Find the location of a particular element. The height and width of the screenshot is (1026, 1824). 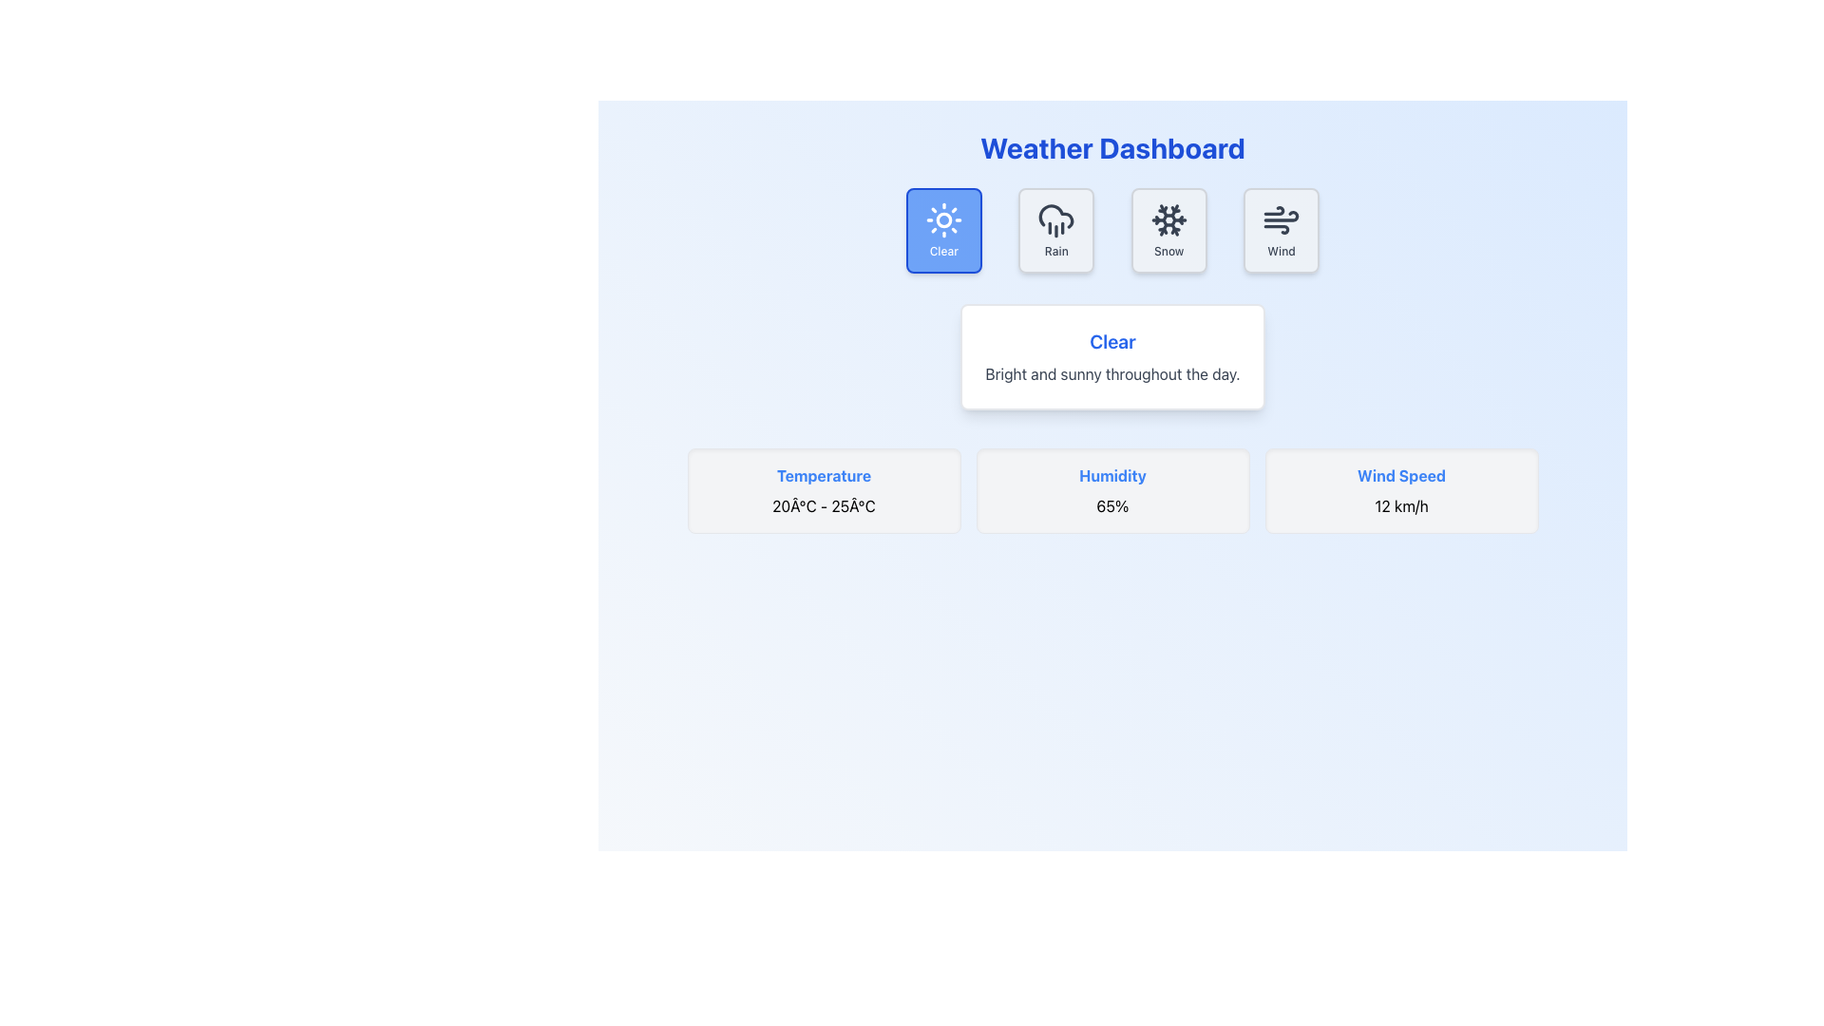

the text label displaying 'Clear', which is centered below a sun icon on a blue button with rounded corners is located at coordinates (943, 251).